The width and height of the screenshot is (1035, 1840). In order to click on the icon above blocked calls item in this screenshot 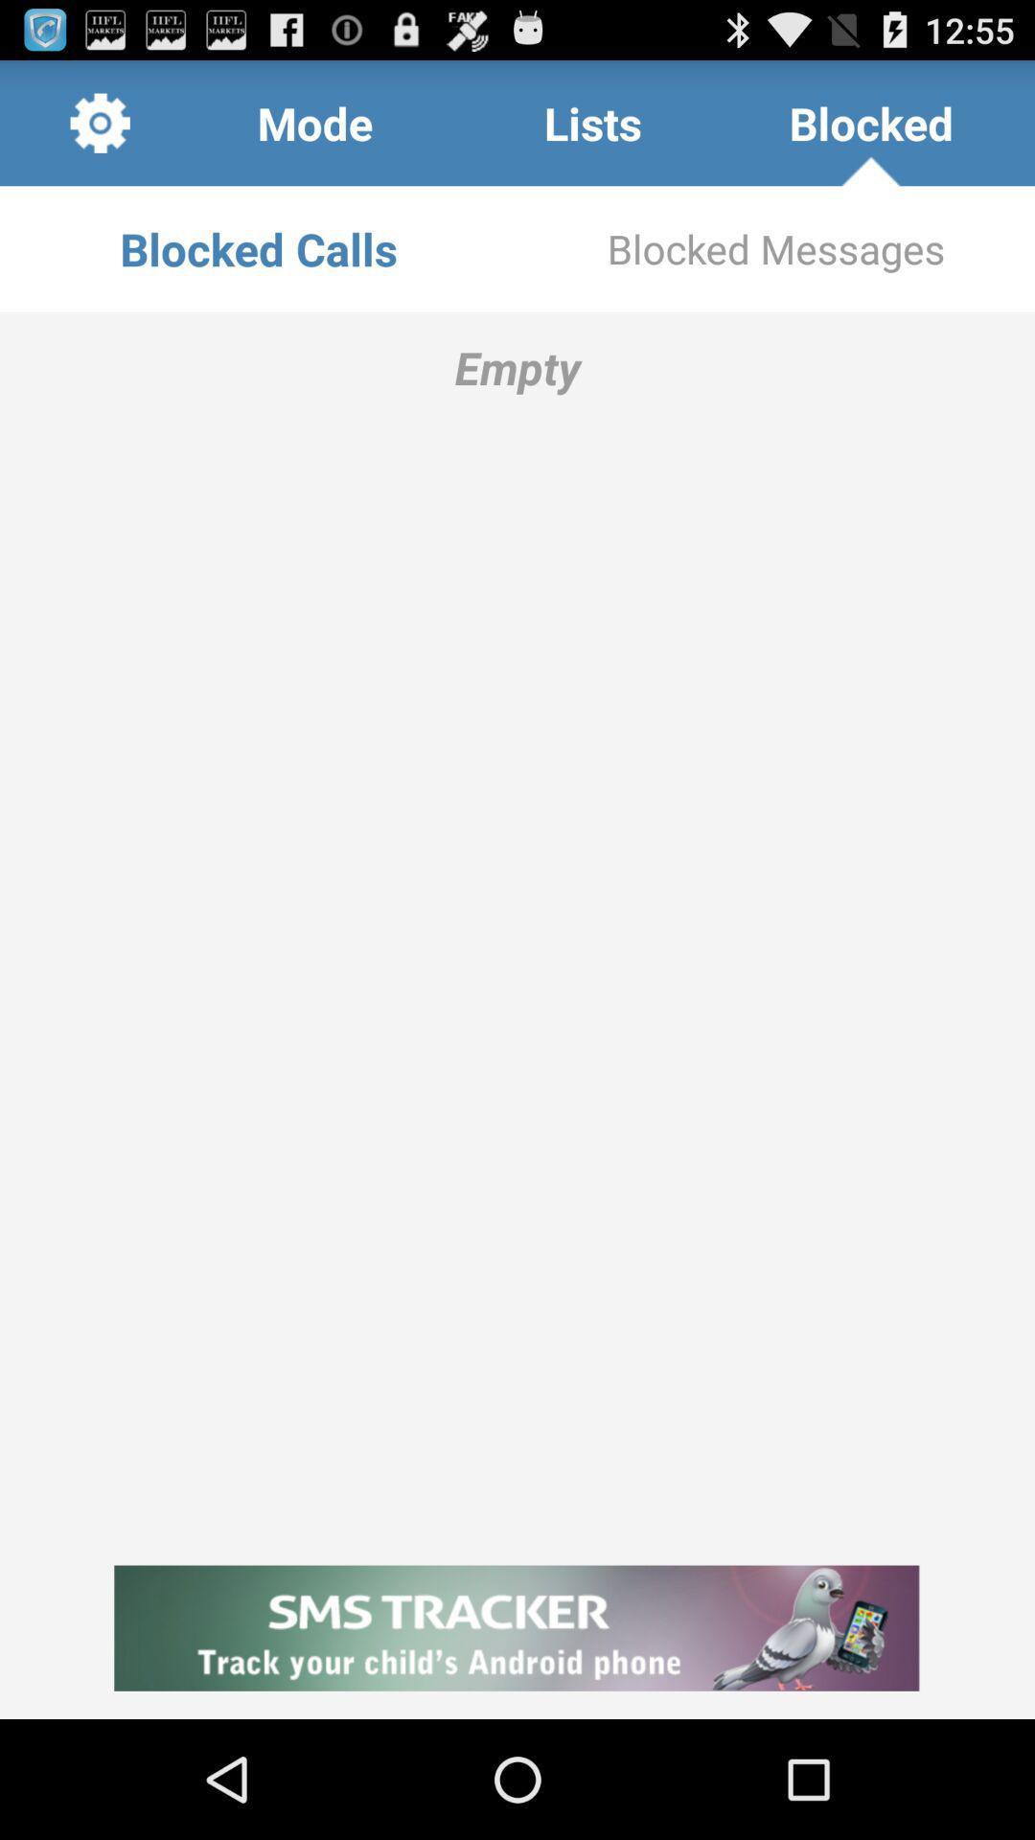, I will do `click(592, 122)`.